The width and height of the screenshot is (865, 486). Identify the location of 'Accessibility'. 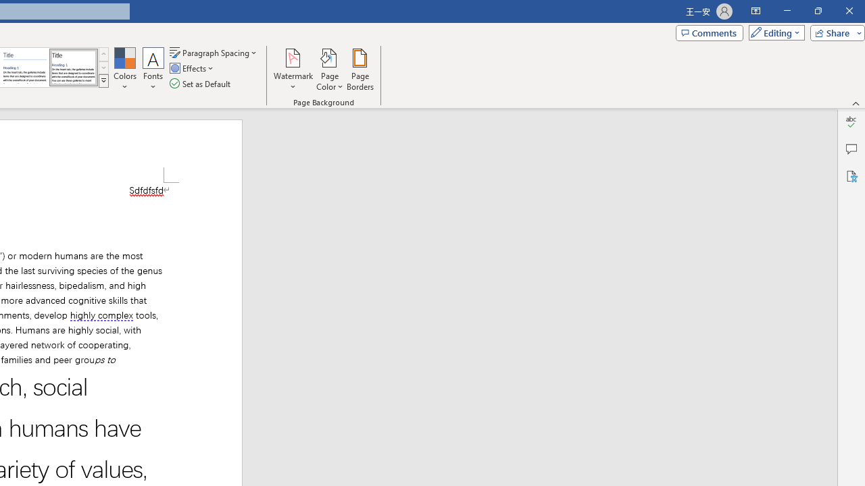
(851, 175).